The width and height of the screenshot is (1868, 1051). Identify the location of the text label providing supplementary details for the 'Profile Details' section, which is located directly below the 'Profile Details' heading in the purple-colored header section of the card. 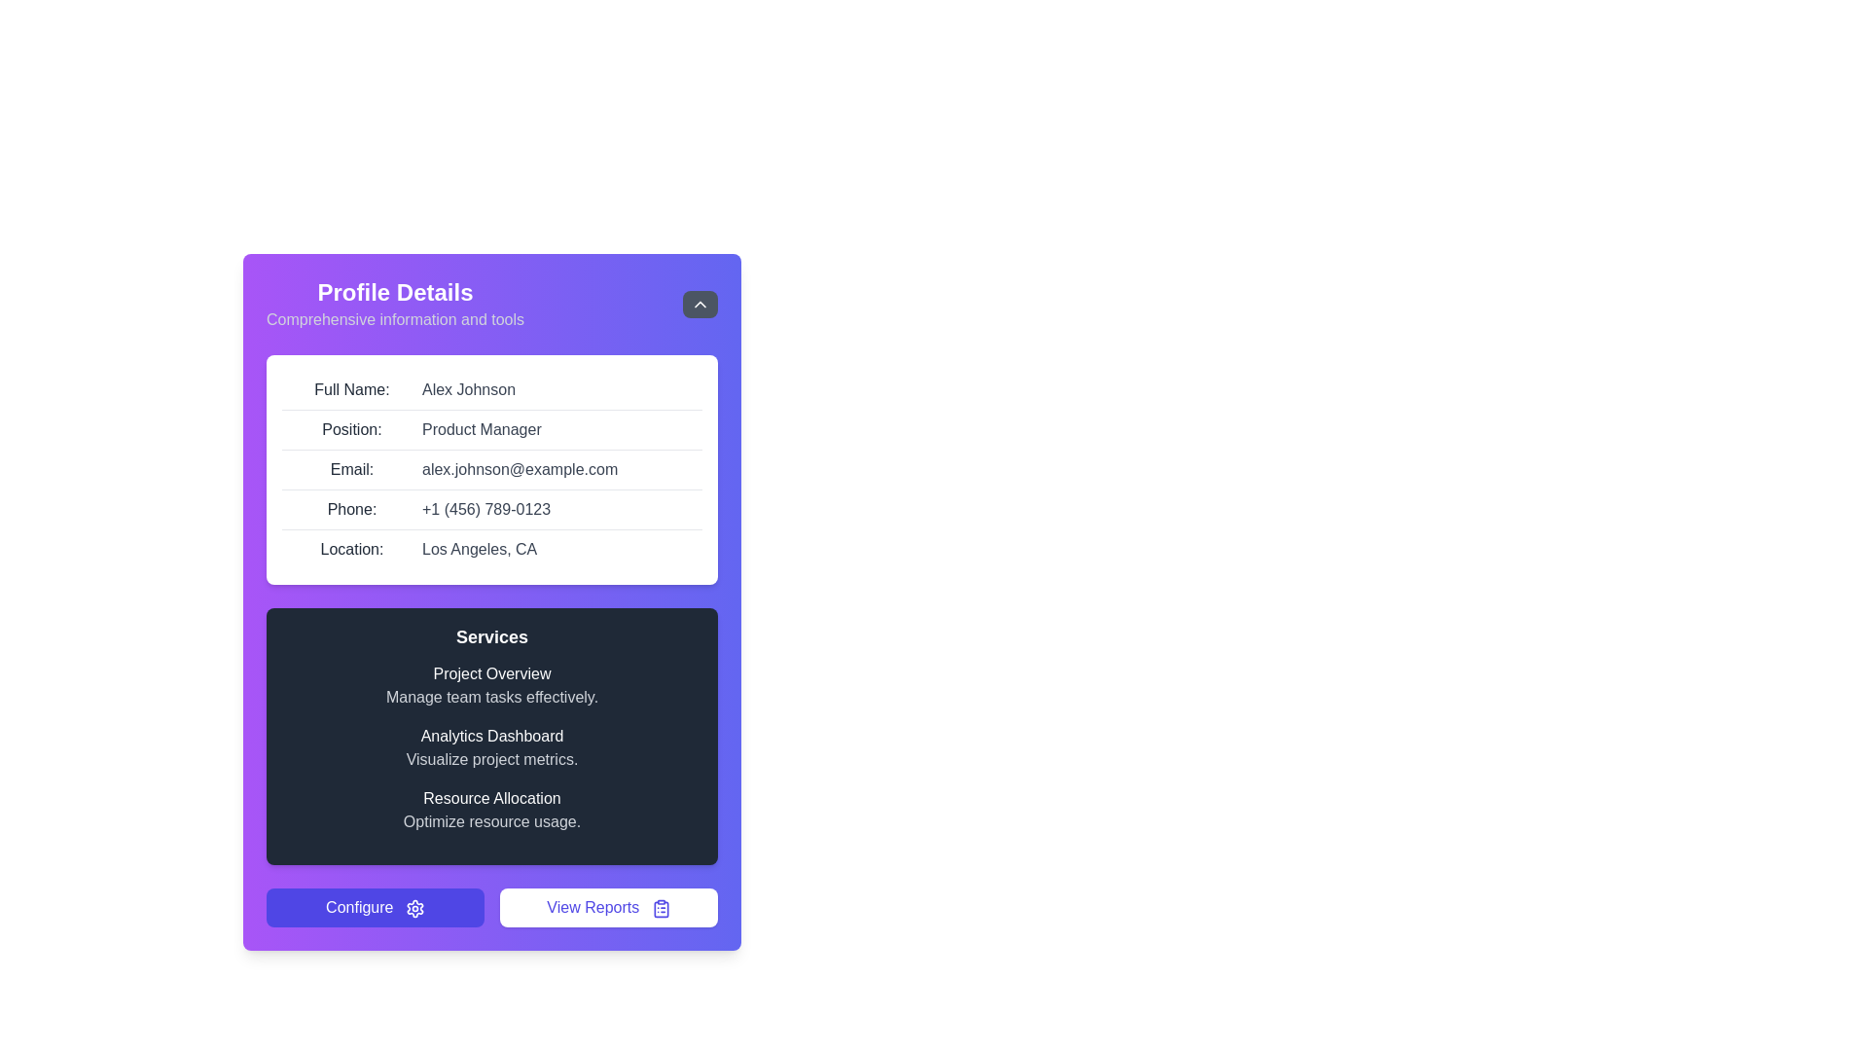
(394, 318).